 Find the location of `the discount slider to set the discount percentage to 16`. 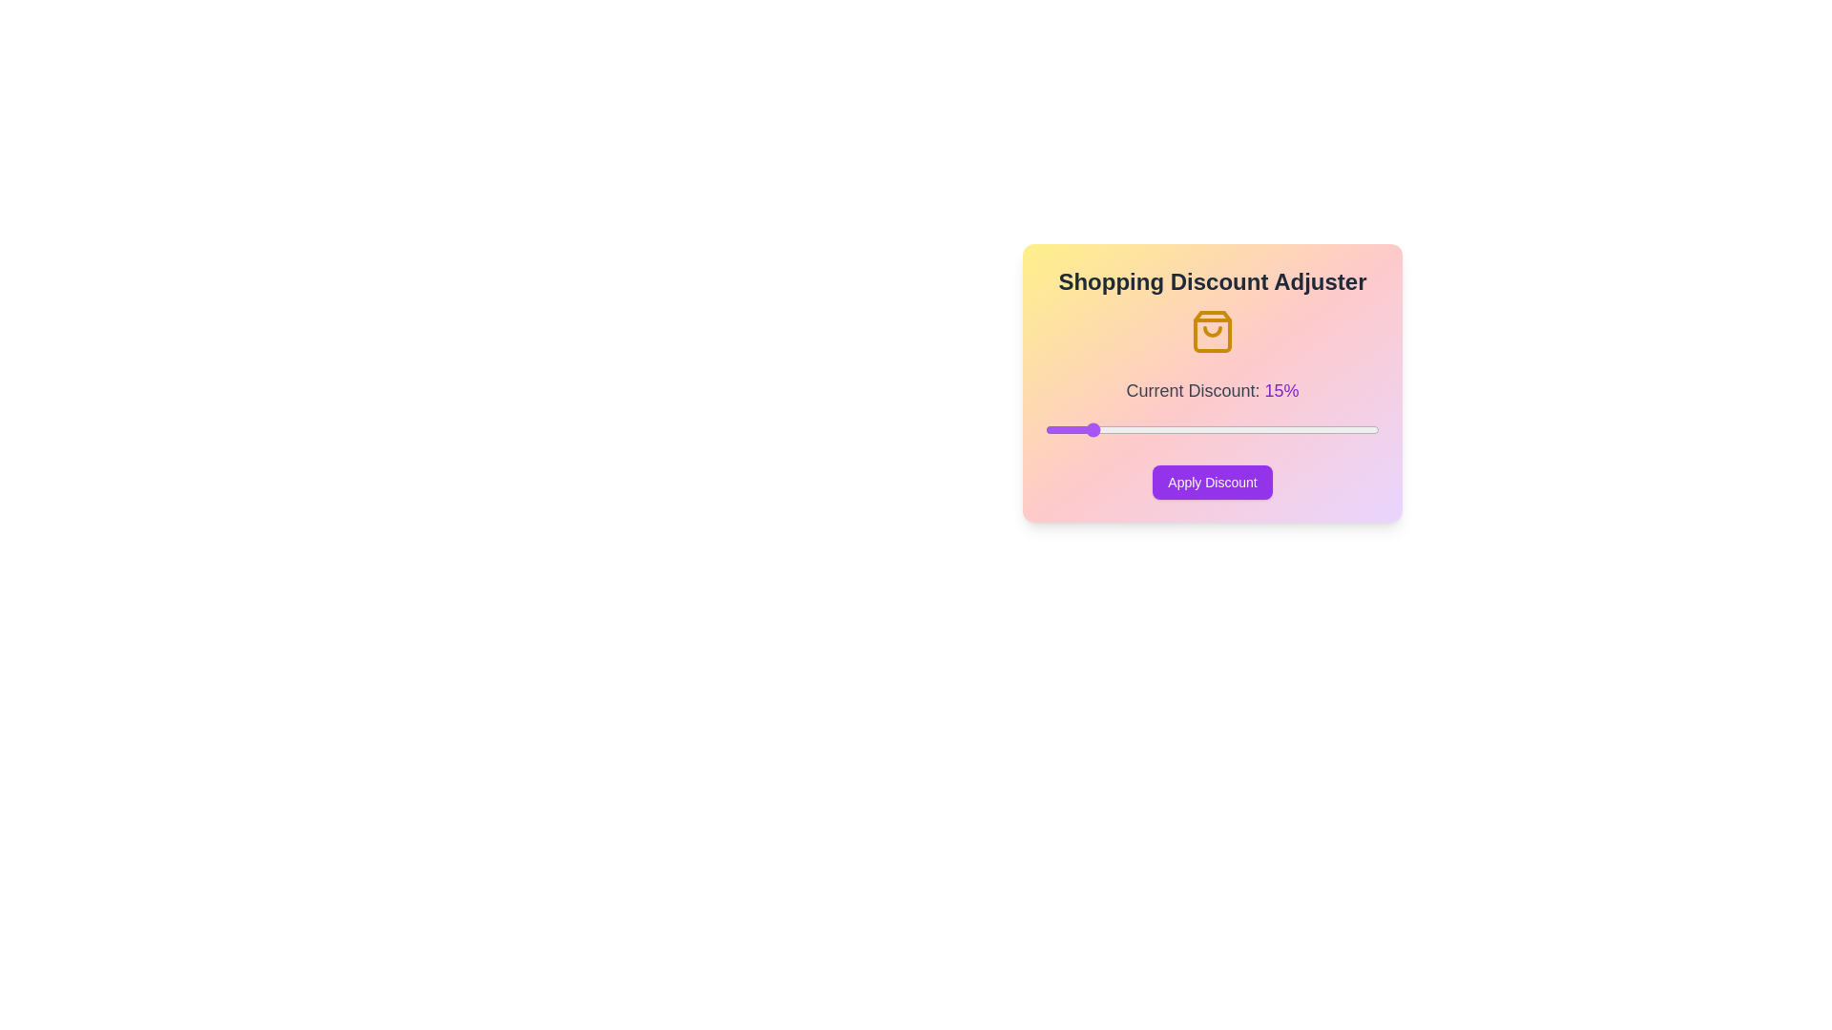

the discount slider to set the discount percentage to 16 is located at coordinates (1095, 430).